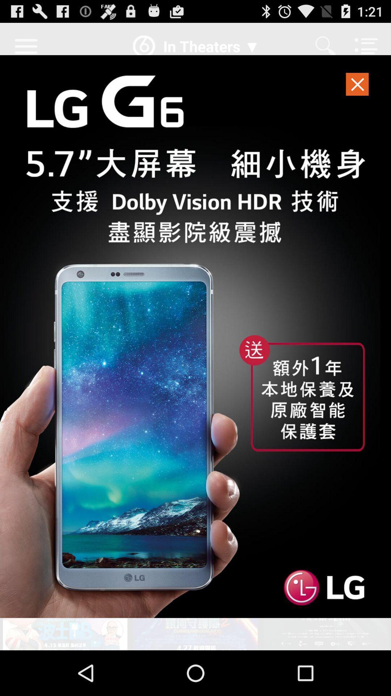 This screenshot has width=391, height=696. What do you see at coordinates (357, 92) in the screenshot?
I see `the close icon` at bounding box center [357, 92].